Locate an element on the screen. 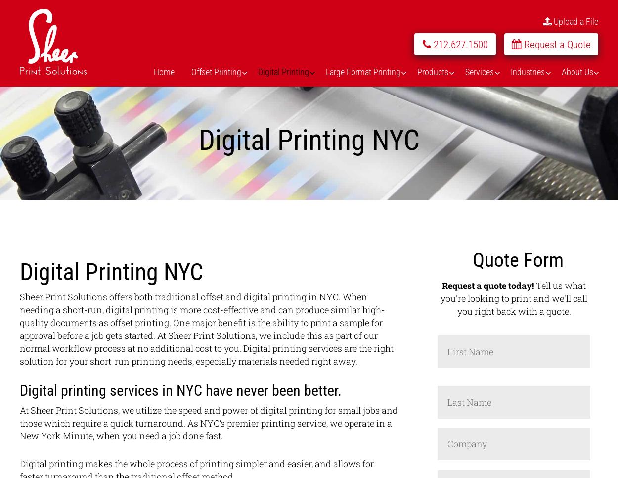 The image size is (618, 478). 'Sheer Print Solutions offers both traditional offset and digital printing in NYC. When needing a short-run, digital printing is more cost-effective and can produce similar high-quality documents as offset printing. One major benefit is the ability to print a sample for approval before a job gets started. At Sheer Print Solutions, we include this as part of our normal workflow process at no additional cost to you. Digital printing services are the right solution for your short-run printing needs, especially materials needed right away.' is located at coordinates (206, 329).